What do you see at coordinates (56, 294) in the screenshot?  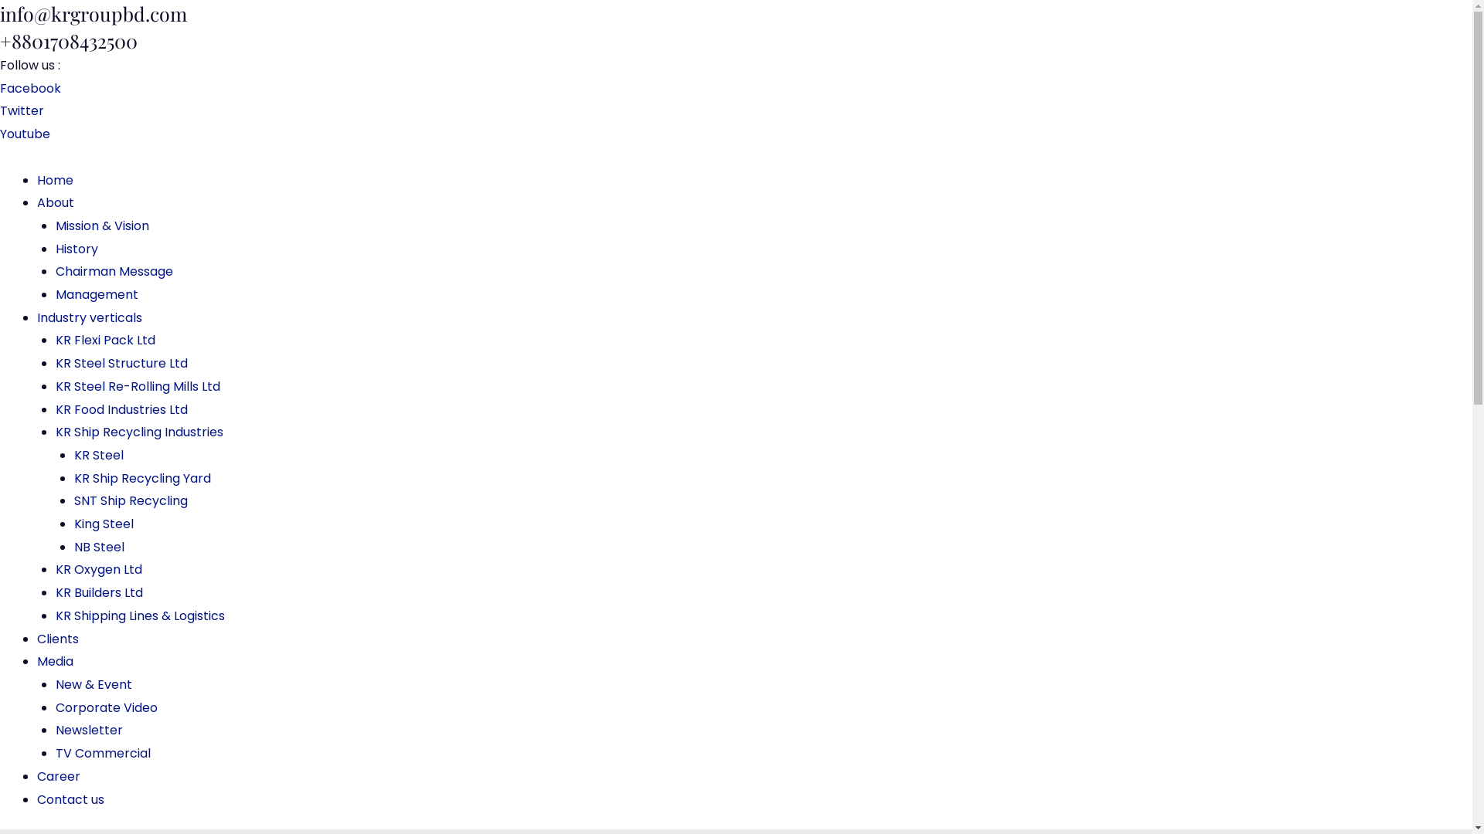 I see `'Management'` at bounding box center [56, 294].